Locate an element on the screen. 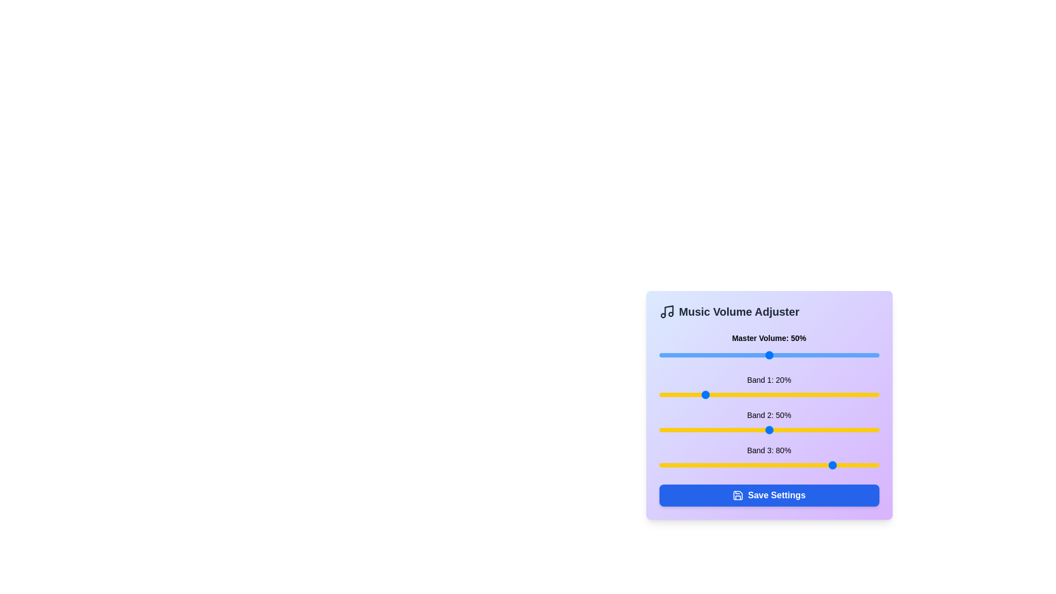 Image resolution: width=1056 pixels, height=594 pixels. the slider is located at coordinates (674, 355).